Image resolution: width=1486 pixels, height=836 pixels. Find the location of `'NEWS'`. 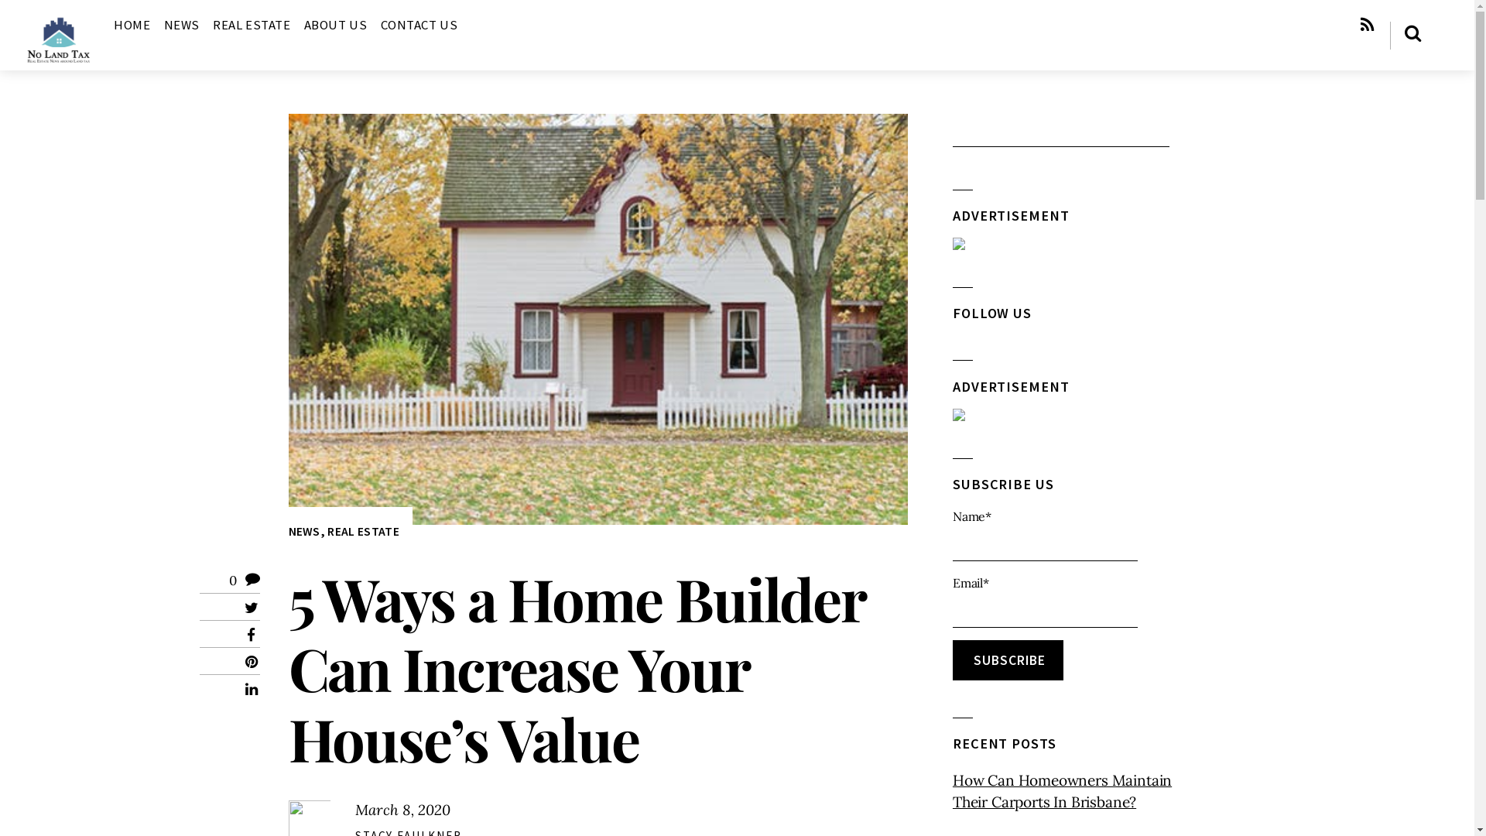

'NEWS' is located at coordinates (303, 530).